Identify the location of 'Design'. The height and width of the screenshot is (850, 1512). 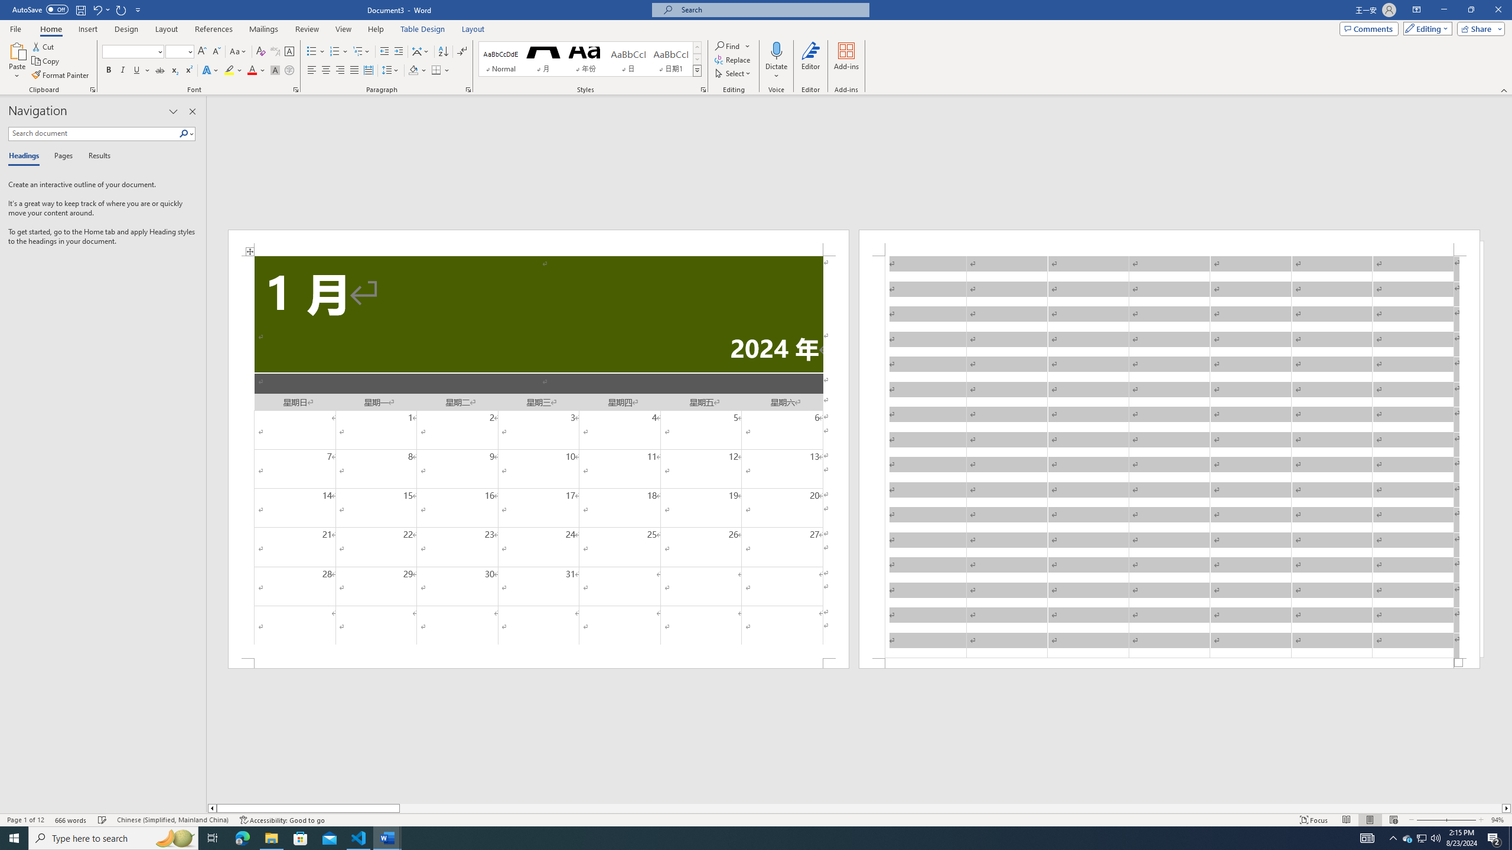
(127, 29).